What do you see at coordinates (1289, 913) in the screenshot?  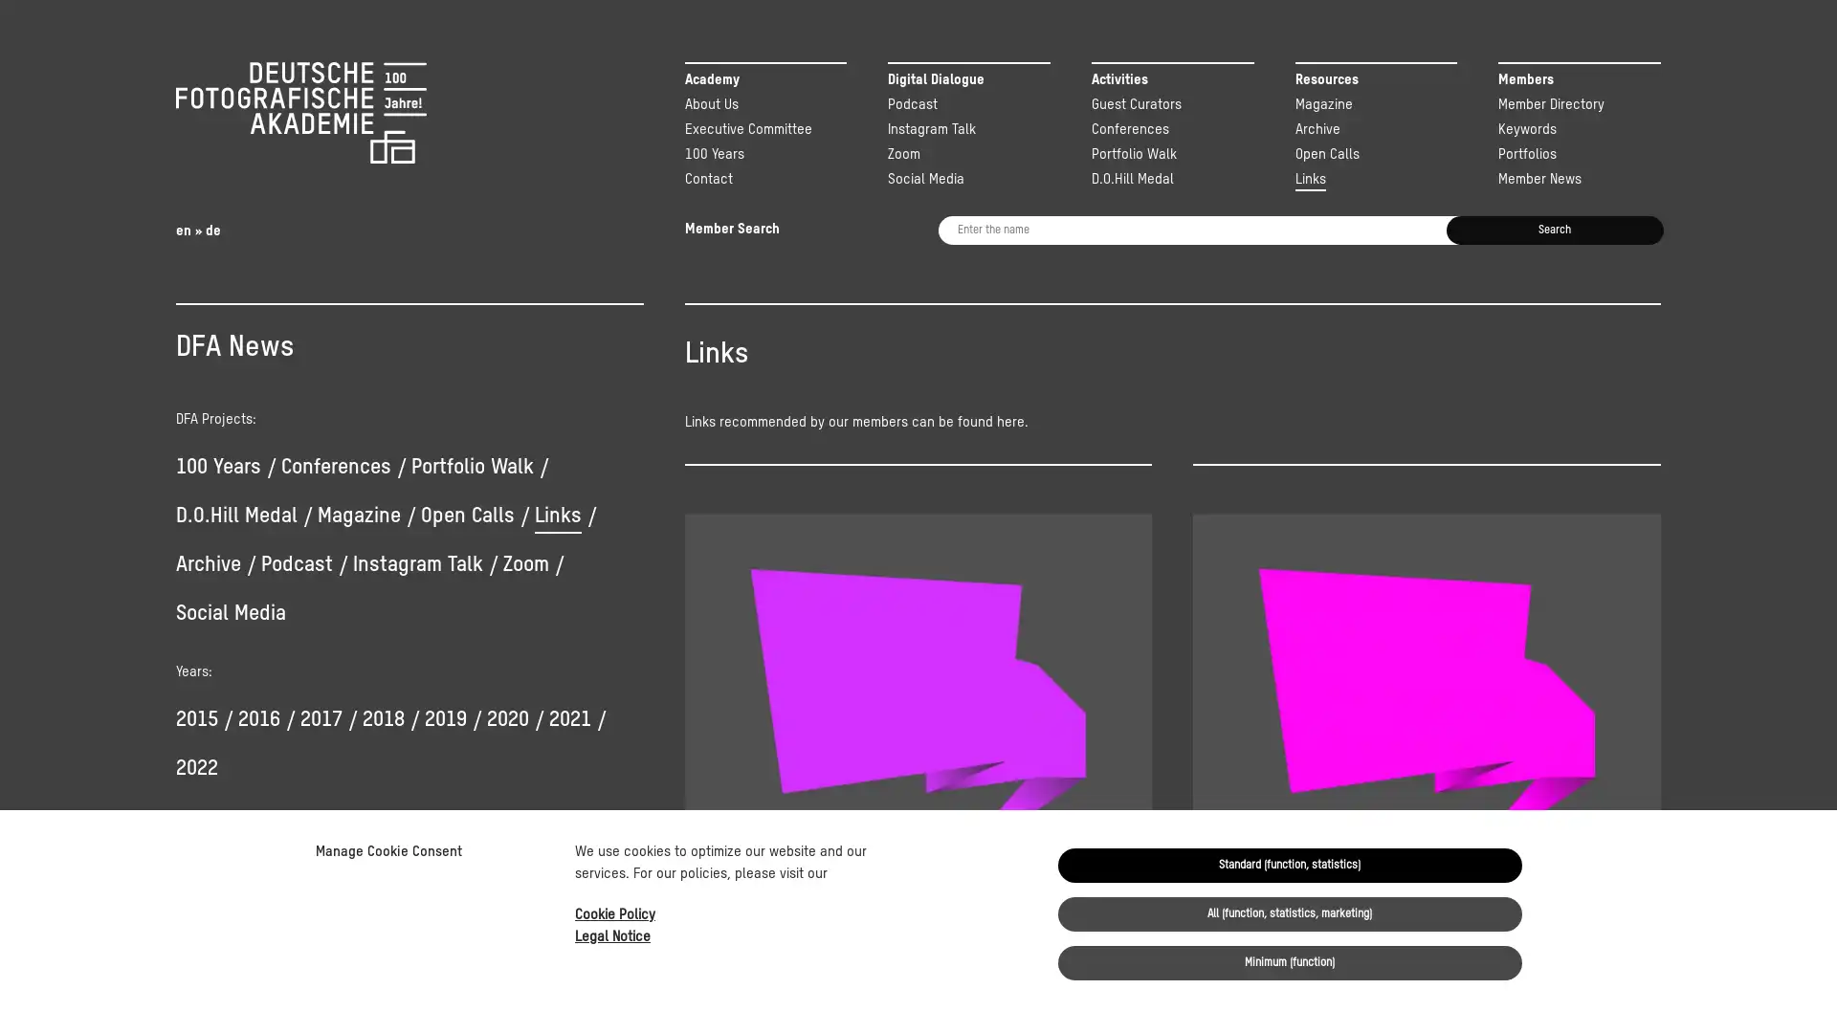 I see `All (function, statistics, marketing)` at bounding box center [1289, 913].